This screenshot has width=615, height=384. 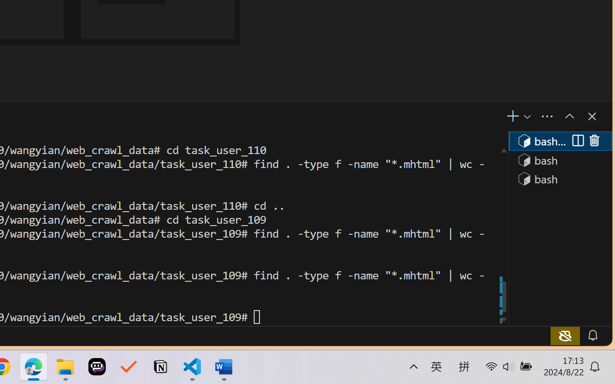 What do you see at coordinates (565, 335) in the screenshot?
I see `'copilot-notconnected, Copilot error (click for details)'` at bounding box center [565, 335].